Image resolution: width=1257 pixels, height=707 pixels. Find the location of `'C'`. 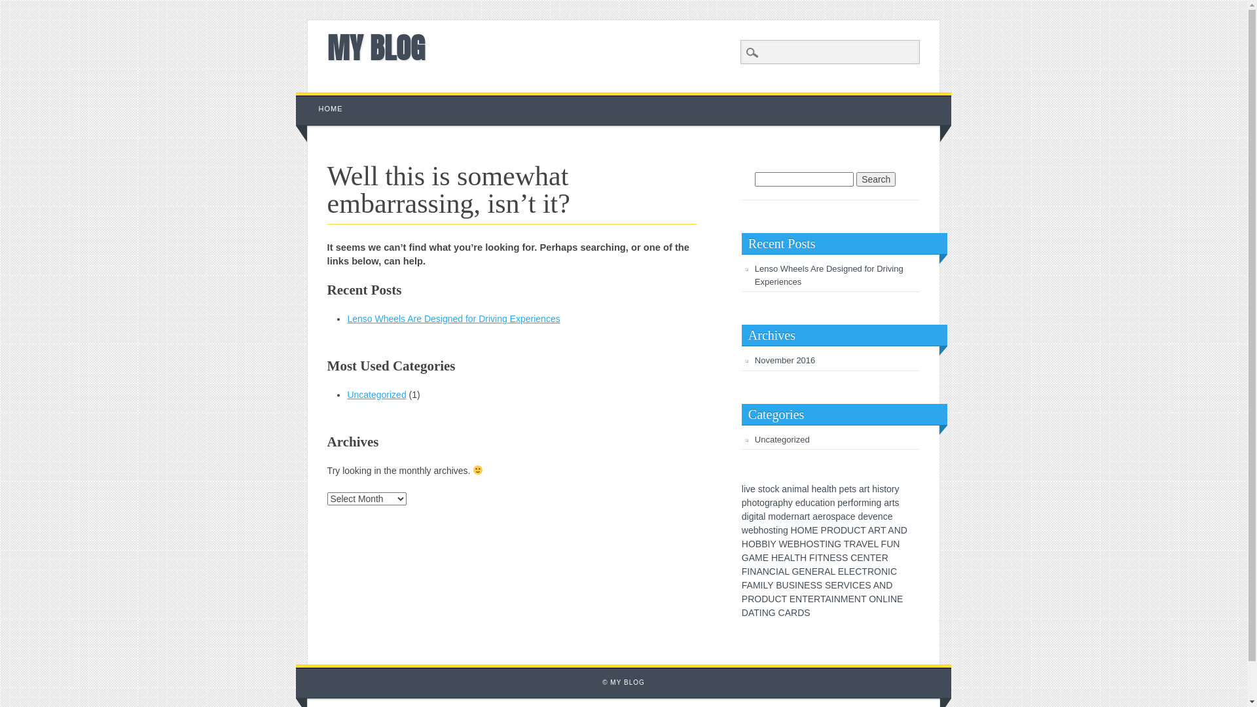

'C' is located at coordinates (773, 570).